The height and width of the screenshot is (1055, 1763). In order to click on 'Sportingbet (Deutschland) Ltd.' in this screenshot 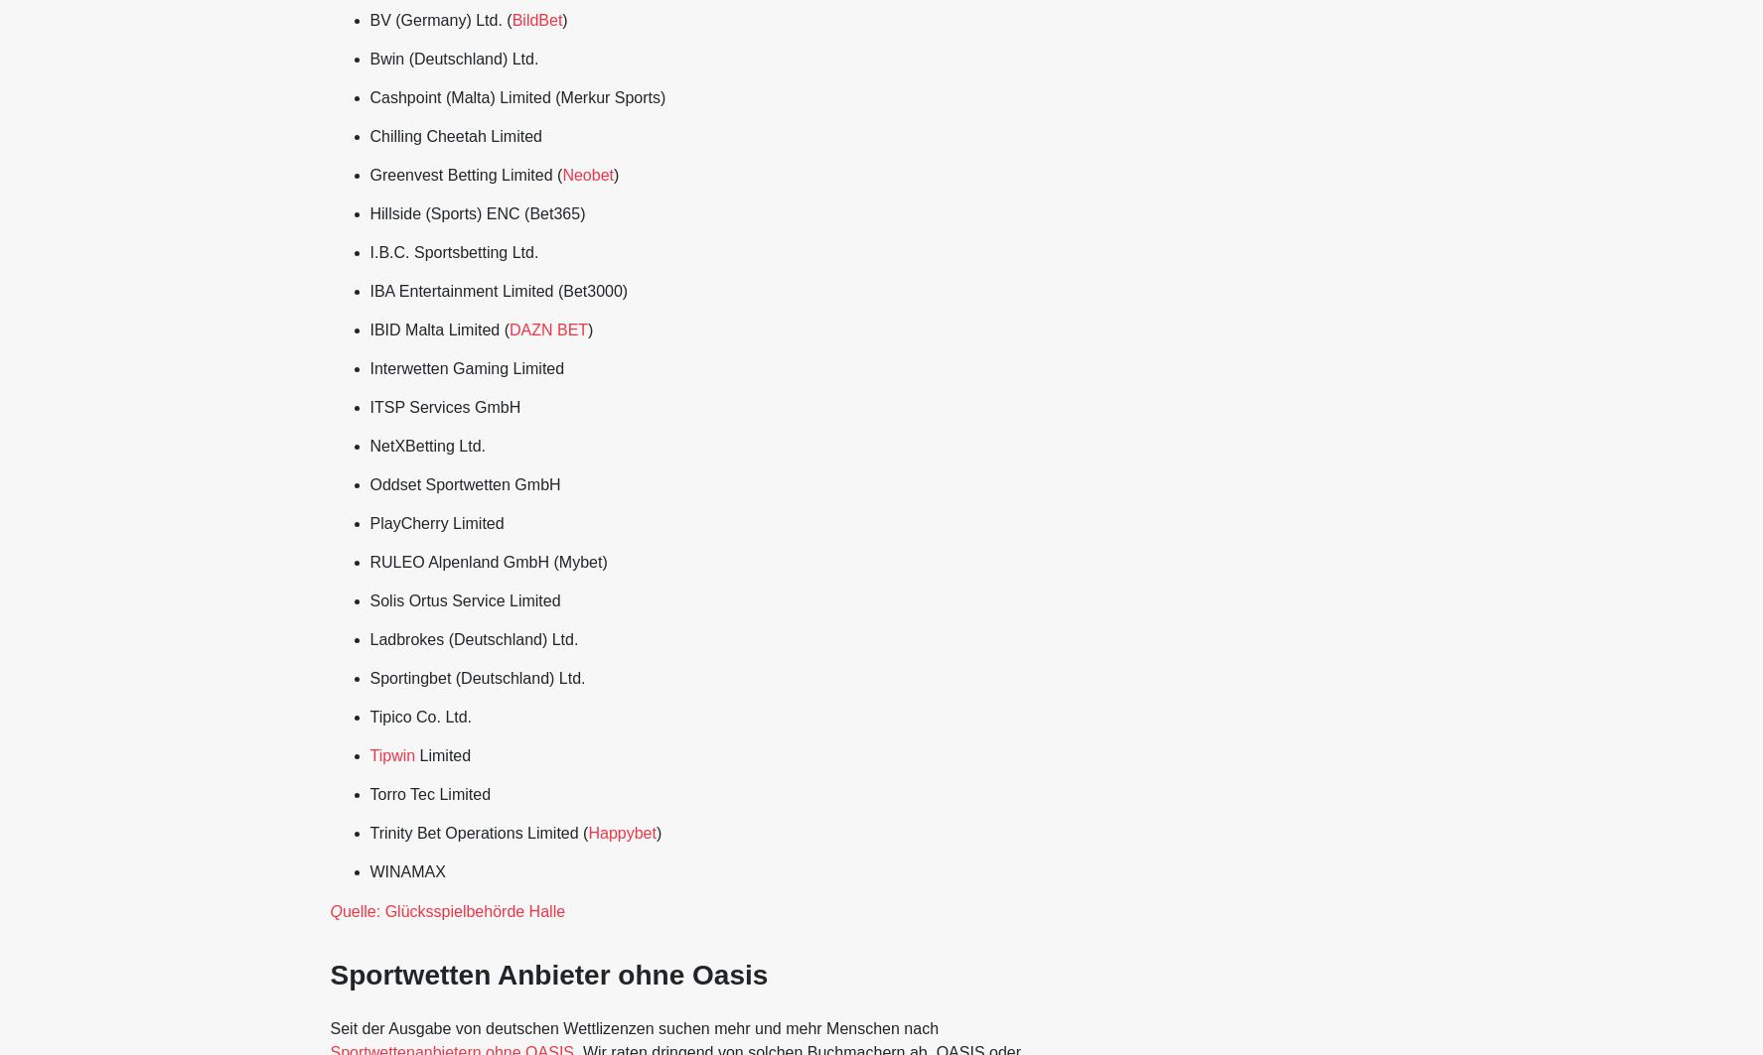, I will do `click(477, 677)`.